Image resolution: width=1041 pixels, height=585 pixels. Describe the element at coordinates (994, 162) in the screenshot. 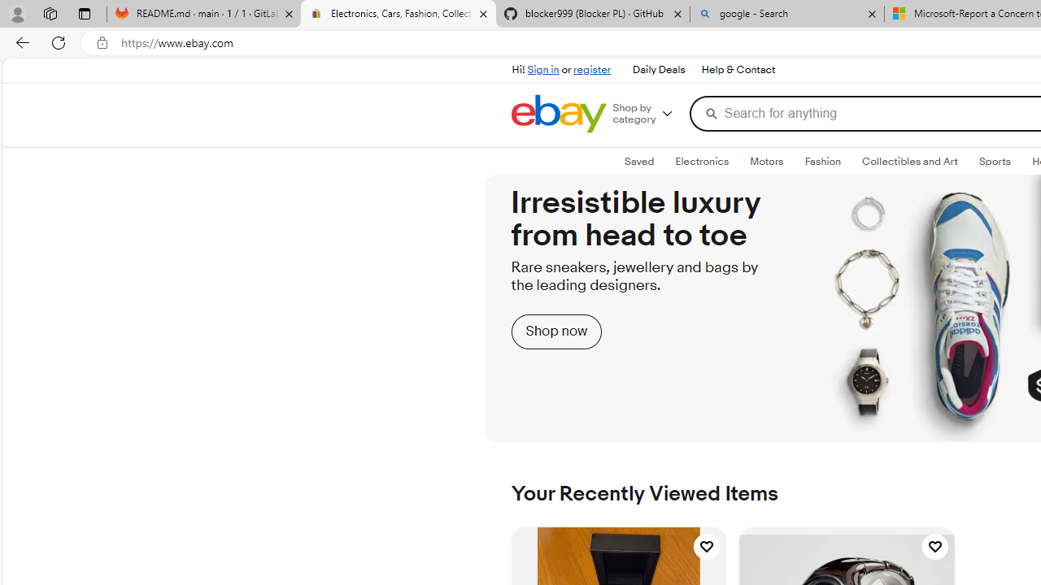

I see `'SportsExpand: Sports'` at that location.